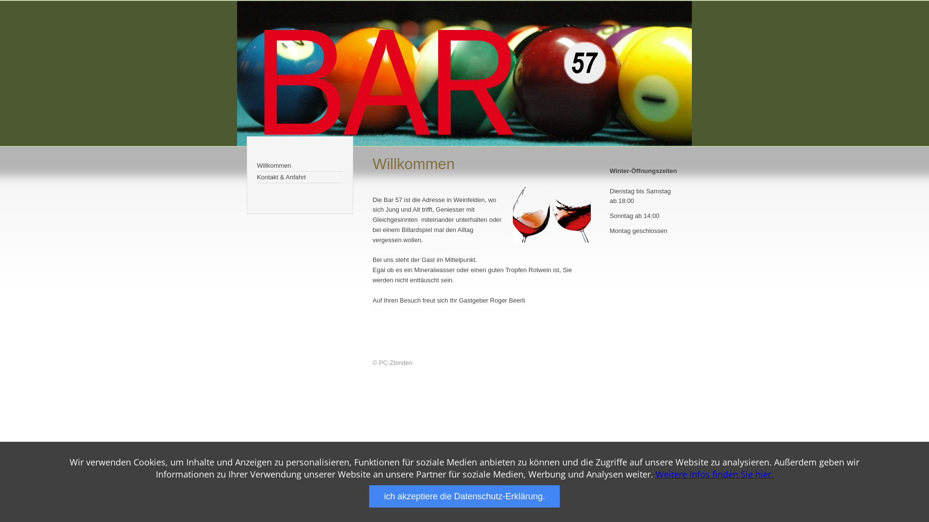 This screenshot has width=929, height=522. I want to click on 'Willkommen', so click(299, 165).